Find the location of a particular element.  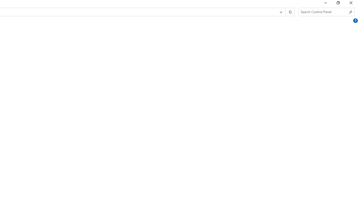

'Refresh "Security and Maintenance" (F5)' is located at coordinates (290, 12).